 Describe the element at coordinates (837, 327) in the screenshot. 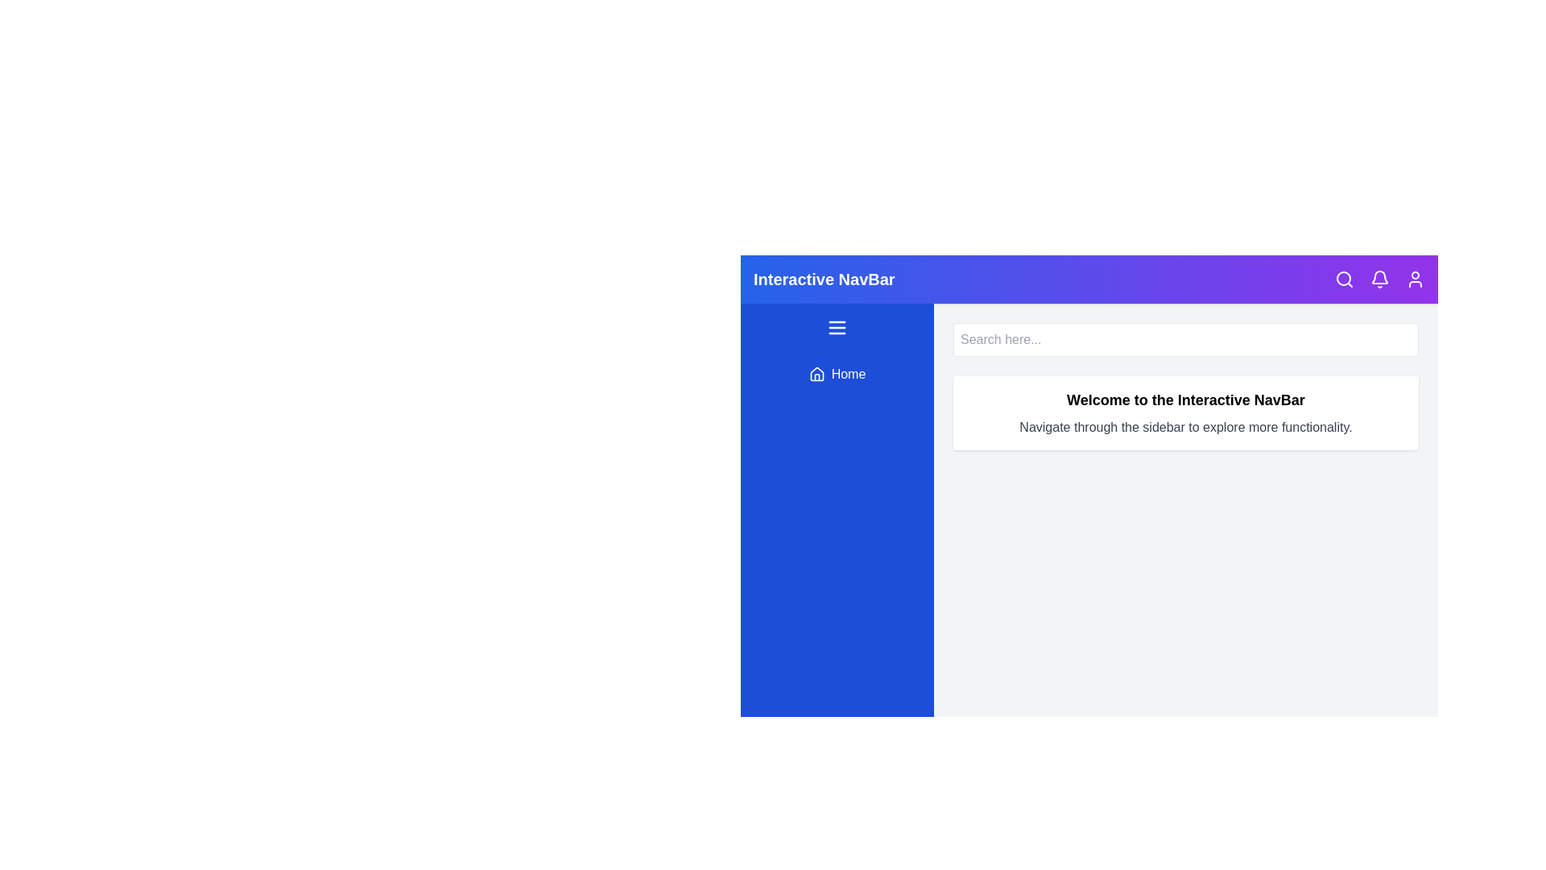

I see `the menu icon to toggle the sidebar visibility` at that location.